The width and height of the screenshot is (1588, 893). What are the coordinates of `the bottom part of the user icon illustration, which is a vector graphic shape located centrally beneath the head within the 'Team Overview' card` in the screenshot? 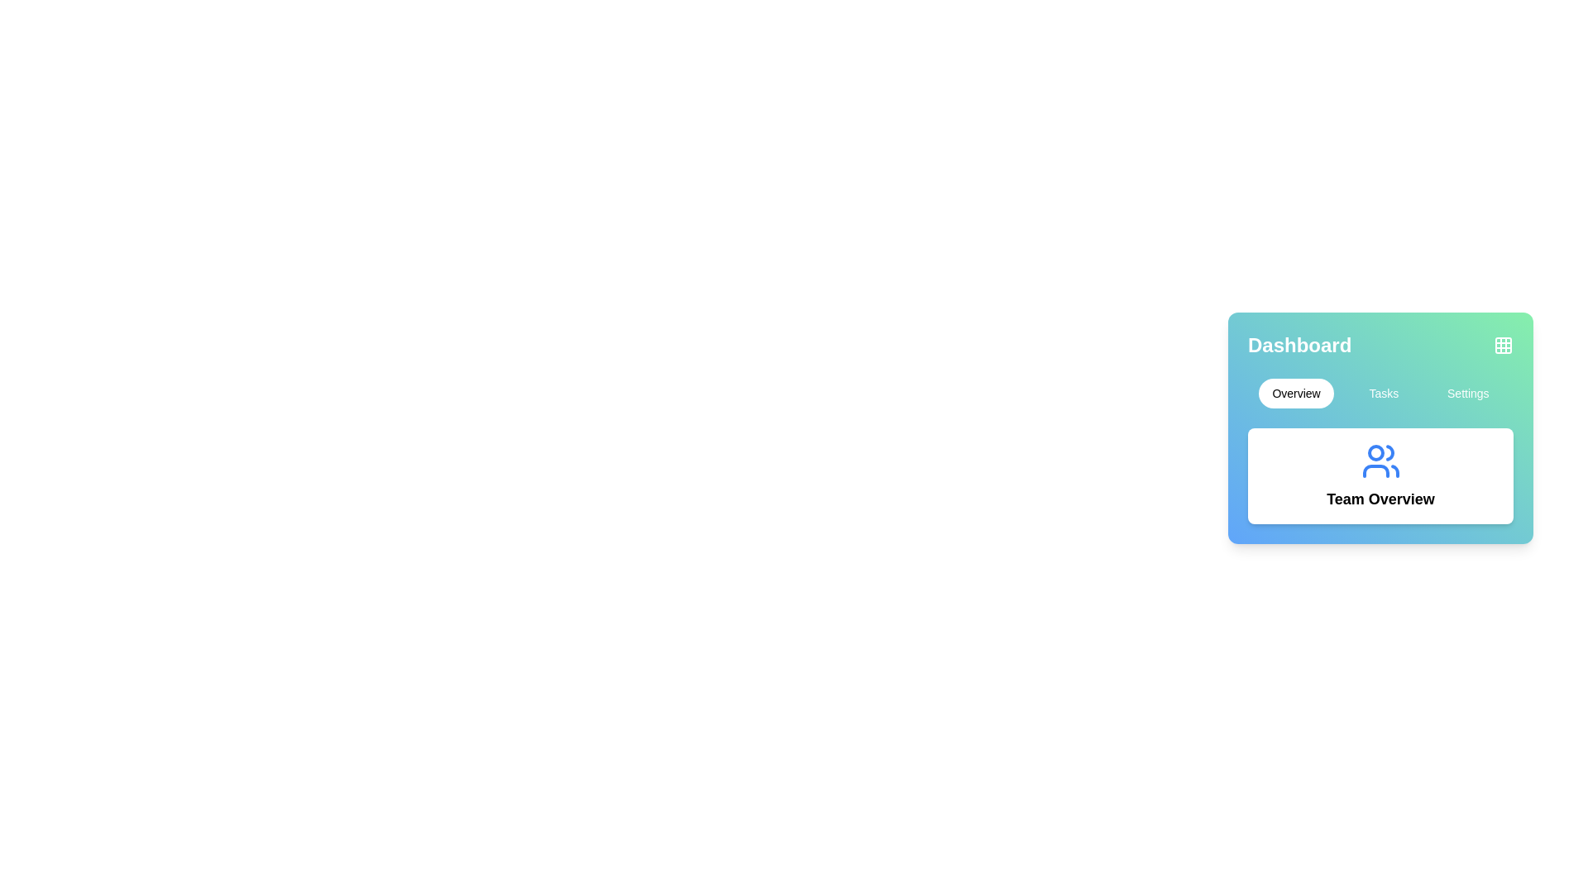 It's located at (1375, 471).